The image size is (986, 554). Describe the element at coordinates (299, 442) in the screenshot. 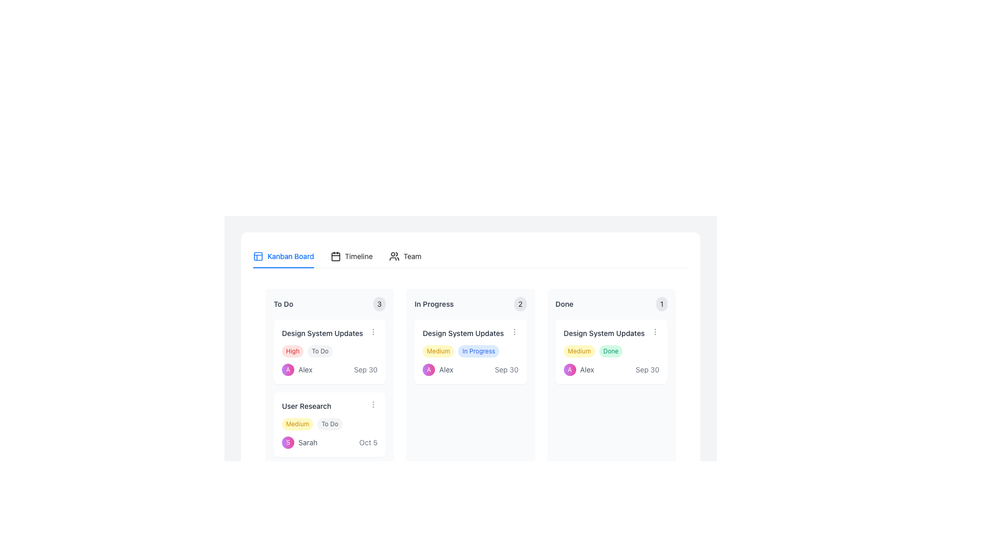

I see `the user identifier for 'Sarah' located in the 'To Do' column under the 'User Research' card, which is the first element to the left of the date indicator 'Oct 5'` at that location.